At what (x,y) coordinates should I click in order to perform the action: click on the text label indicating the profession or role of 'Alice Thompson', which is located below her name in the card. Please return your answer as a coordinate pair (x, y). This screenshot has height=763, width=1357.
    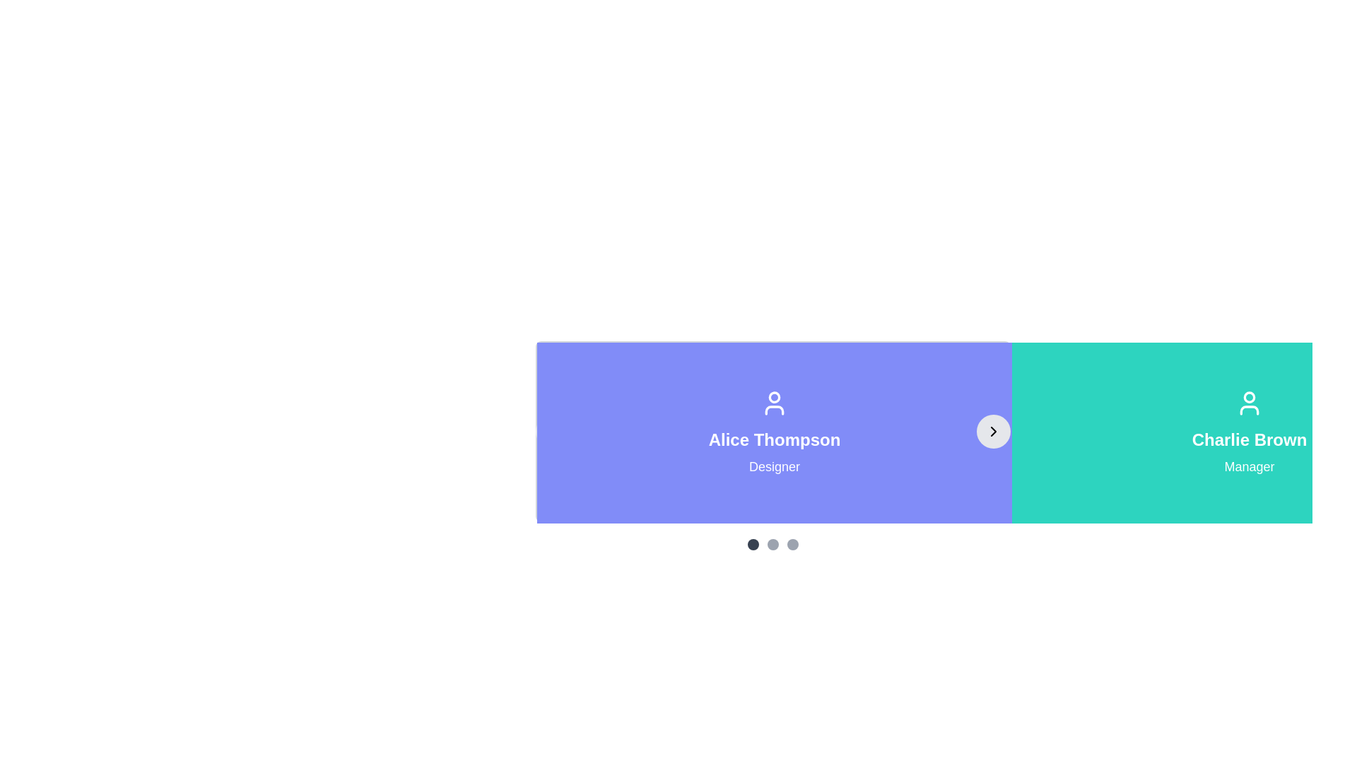
    Looking at the image, I should click on (773, 466).